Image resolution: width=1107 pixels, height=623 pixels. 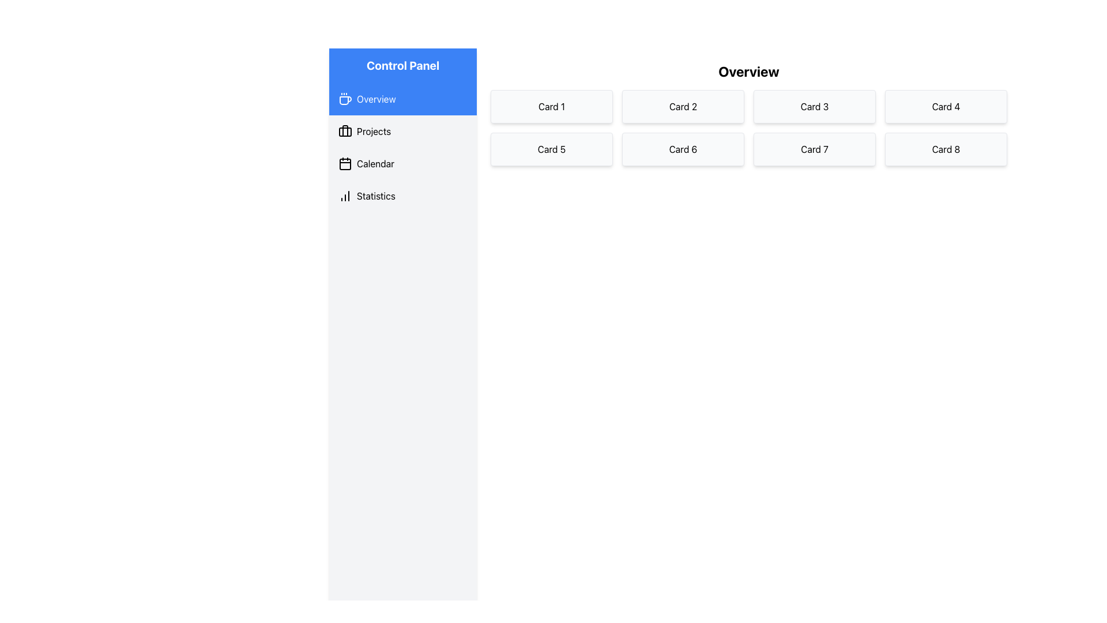 What do you see at coordinates (374, 130) in the screenshot?
I see `the 'Projects' text label in the sidebar menu, which is the second item below 'Overview' and above 'Calendar'` at bounding box center [374, 130].